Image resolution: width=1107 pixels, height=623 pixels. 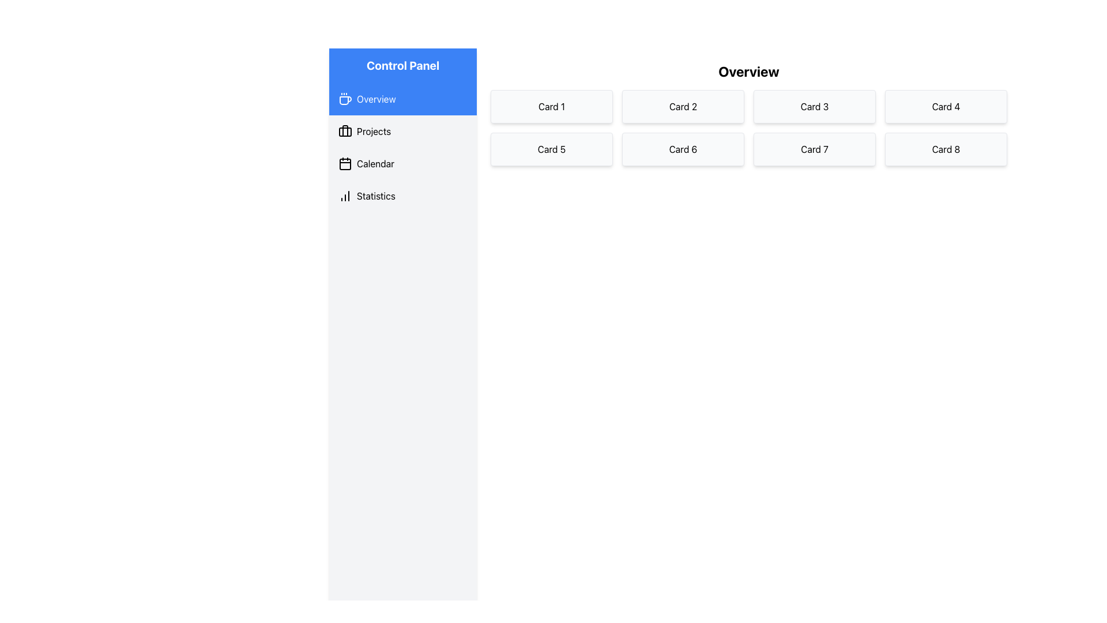 What do you see at coordinates (374, 130) in the screenshot?
I see `the 'Projects' text label in the sidebar menu, which is the second item below 'Overview' and above 'Calendar'` at bounding box center [374, 130].